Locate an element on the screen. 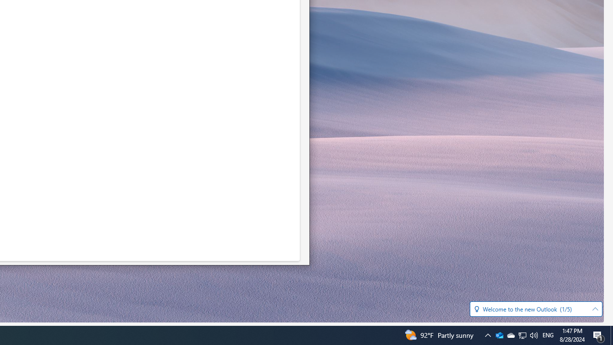 This screenshot has width=613, height=345. 'Tray Input Indicator - English (United States)' is located at coordinates (548, 334).